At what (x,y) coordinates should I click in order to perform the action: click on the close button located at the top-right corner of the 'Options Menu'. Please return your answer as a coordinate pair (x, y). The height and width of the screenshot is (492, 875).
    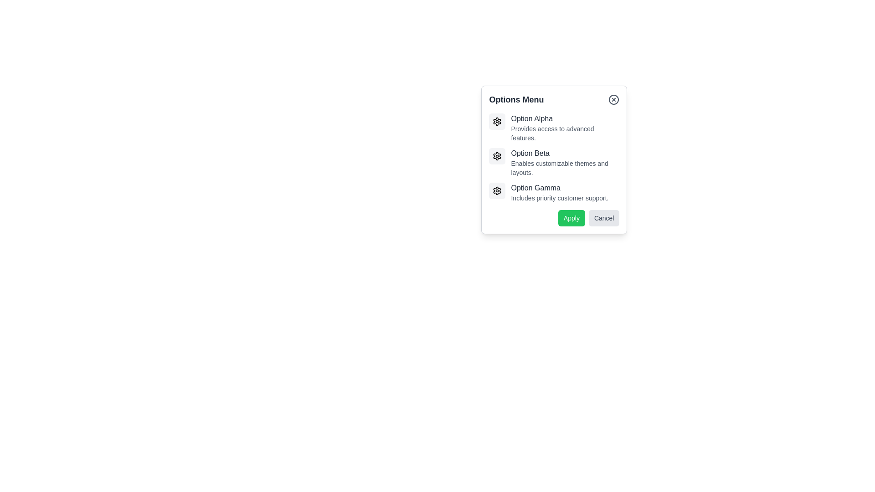
    Looking at the image, I should click on (614, 100).